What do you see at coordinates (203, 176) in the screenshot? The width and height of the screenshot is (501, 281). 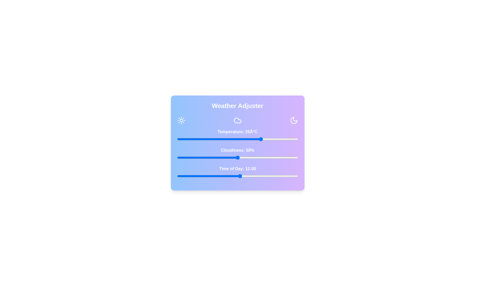 I see `the time of day` at bounding box center [203, 176].